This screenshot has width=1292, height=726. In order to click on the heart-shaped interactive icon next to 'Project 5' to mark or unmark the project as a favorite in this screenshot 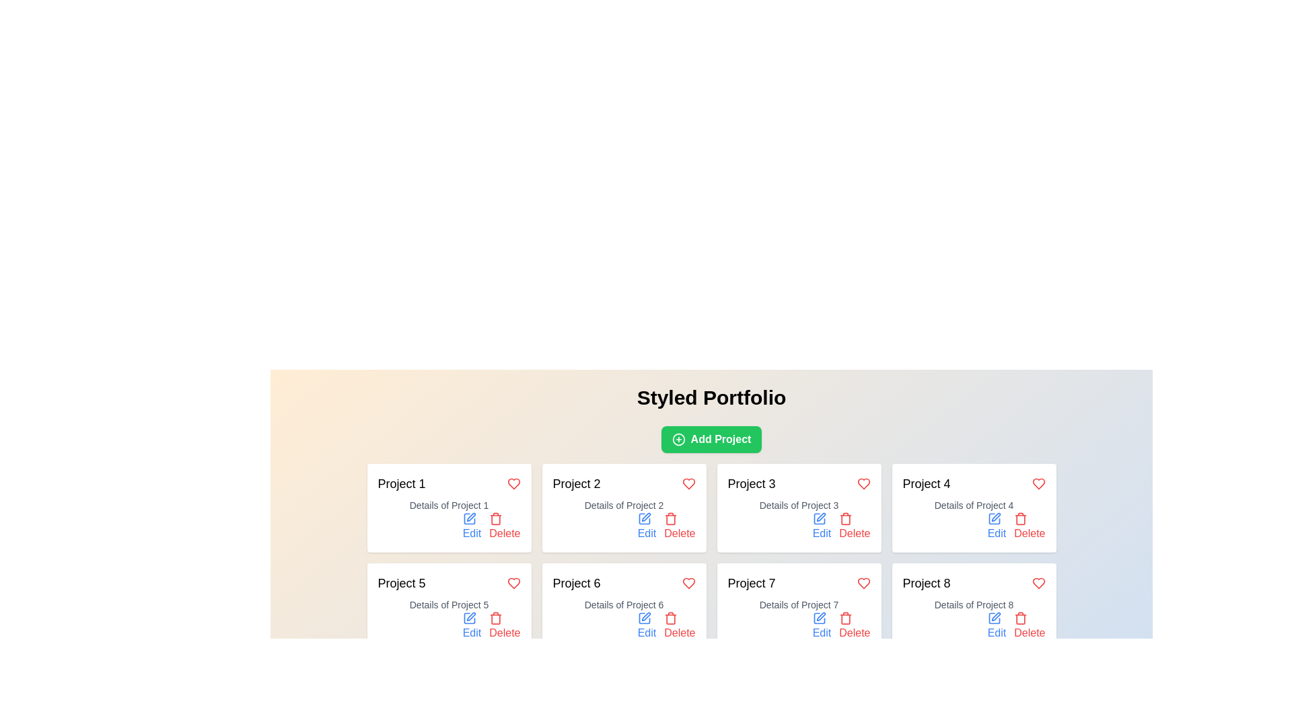, I will do `click(513, 582)`.